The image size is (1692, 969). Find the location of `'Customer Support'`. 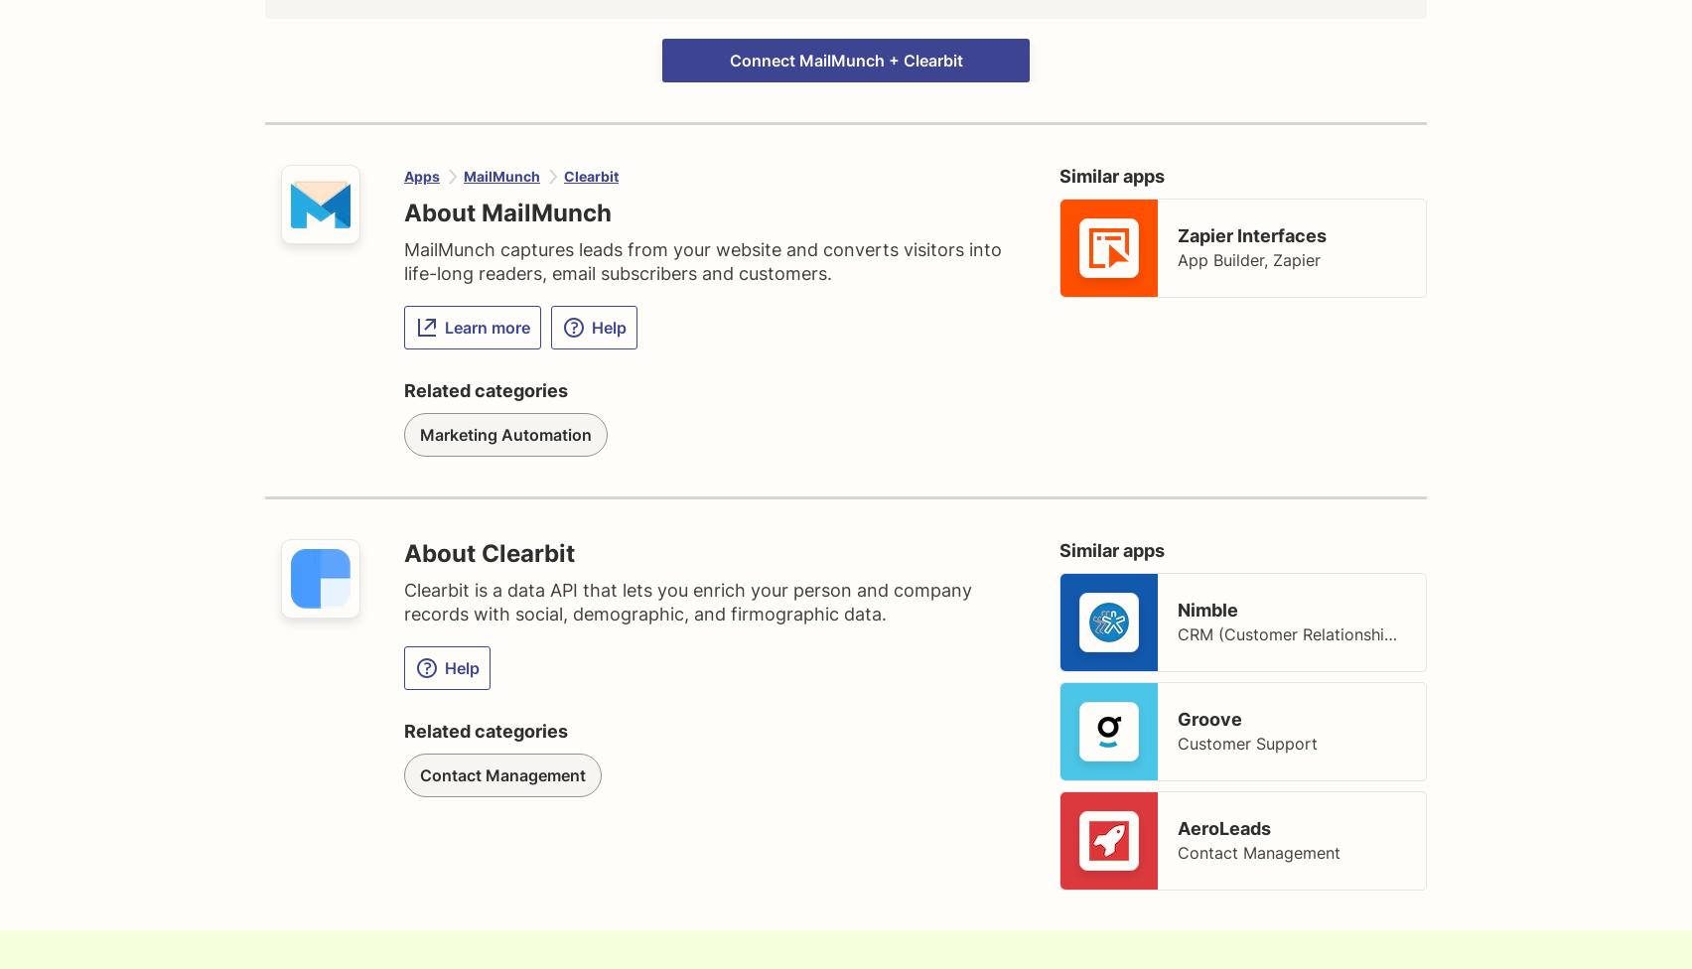

'Customer Support' is located at coordinates (1176, 743).